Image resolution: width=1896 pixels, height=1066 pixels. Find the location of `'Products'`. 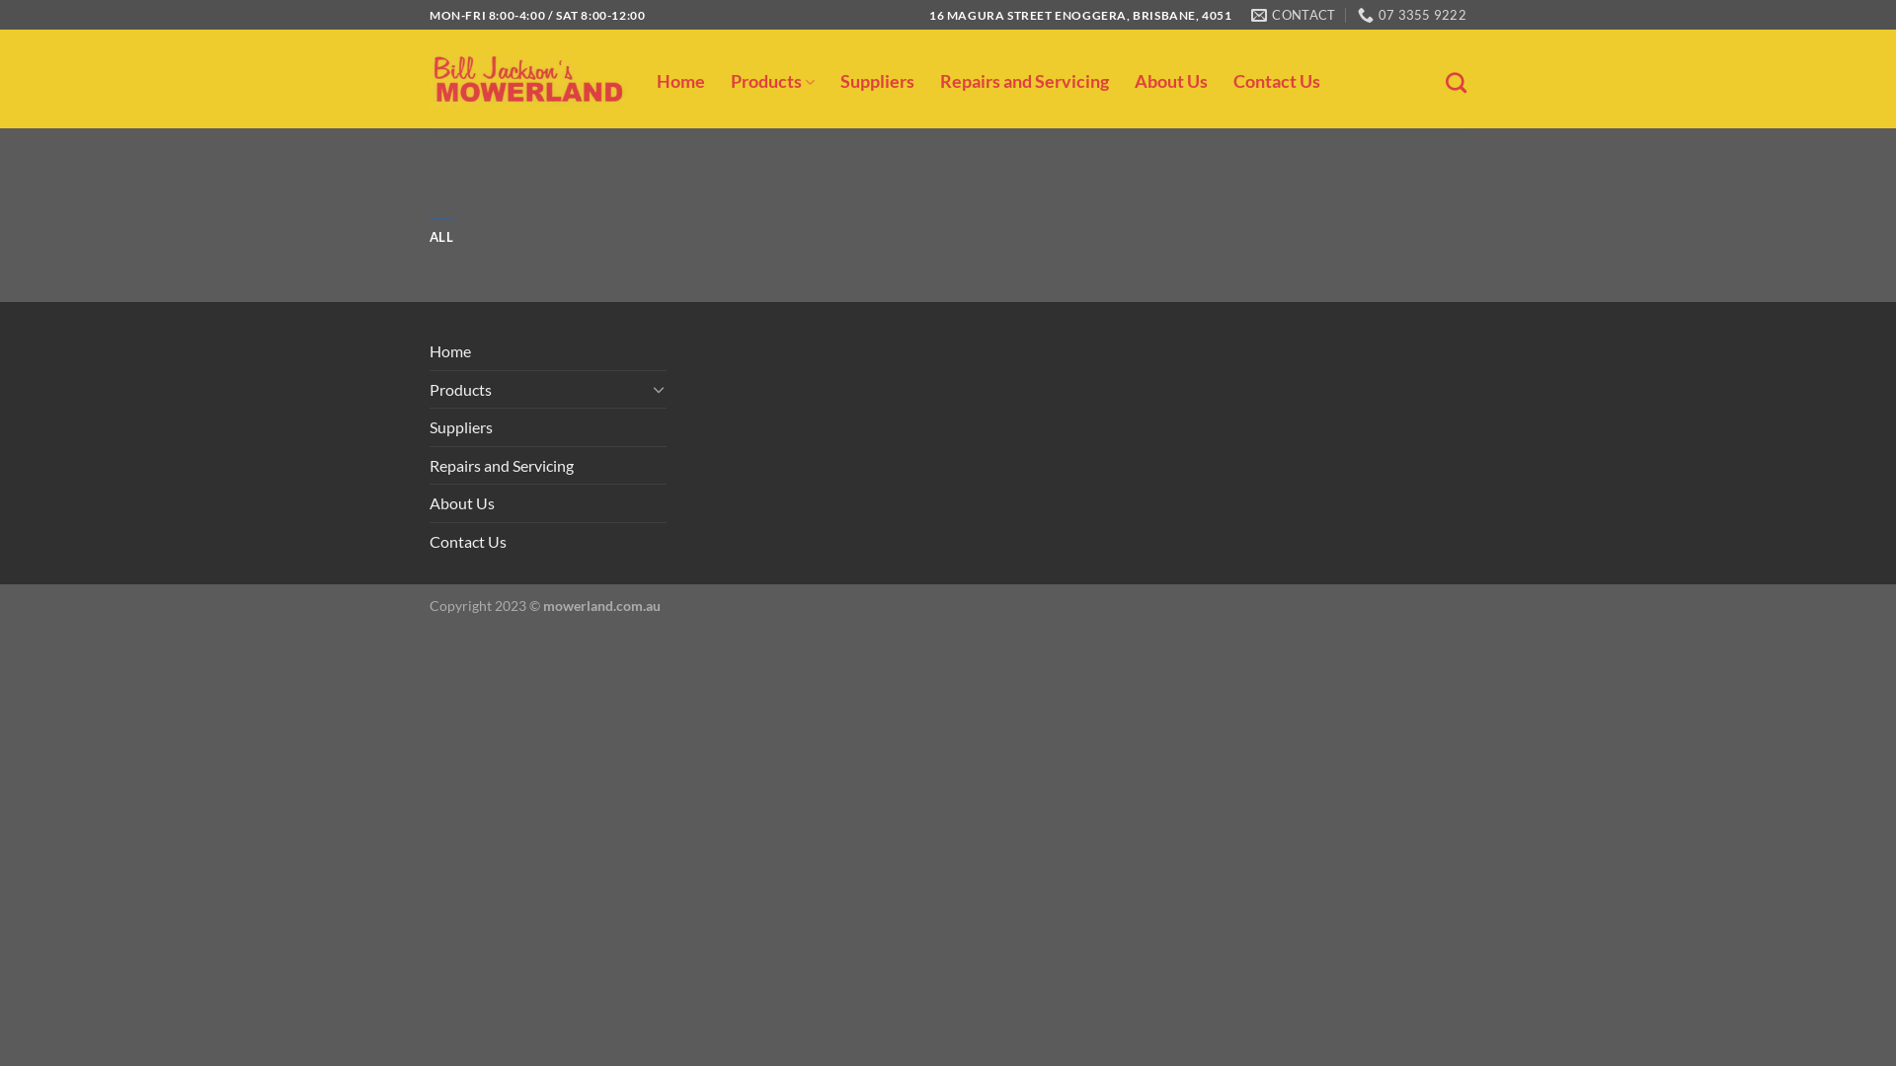

'Products' is located at coordinates (429, 389).